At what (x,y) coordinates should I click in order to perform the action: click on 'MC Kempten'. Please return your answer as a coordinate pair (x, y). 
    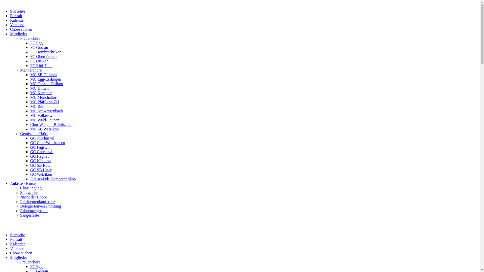
    Looking at the image, I should click on (41, 93).